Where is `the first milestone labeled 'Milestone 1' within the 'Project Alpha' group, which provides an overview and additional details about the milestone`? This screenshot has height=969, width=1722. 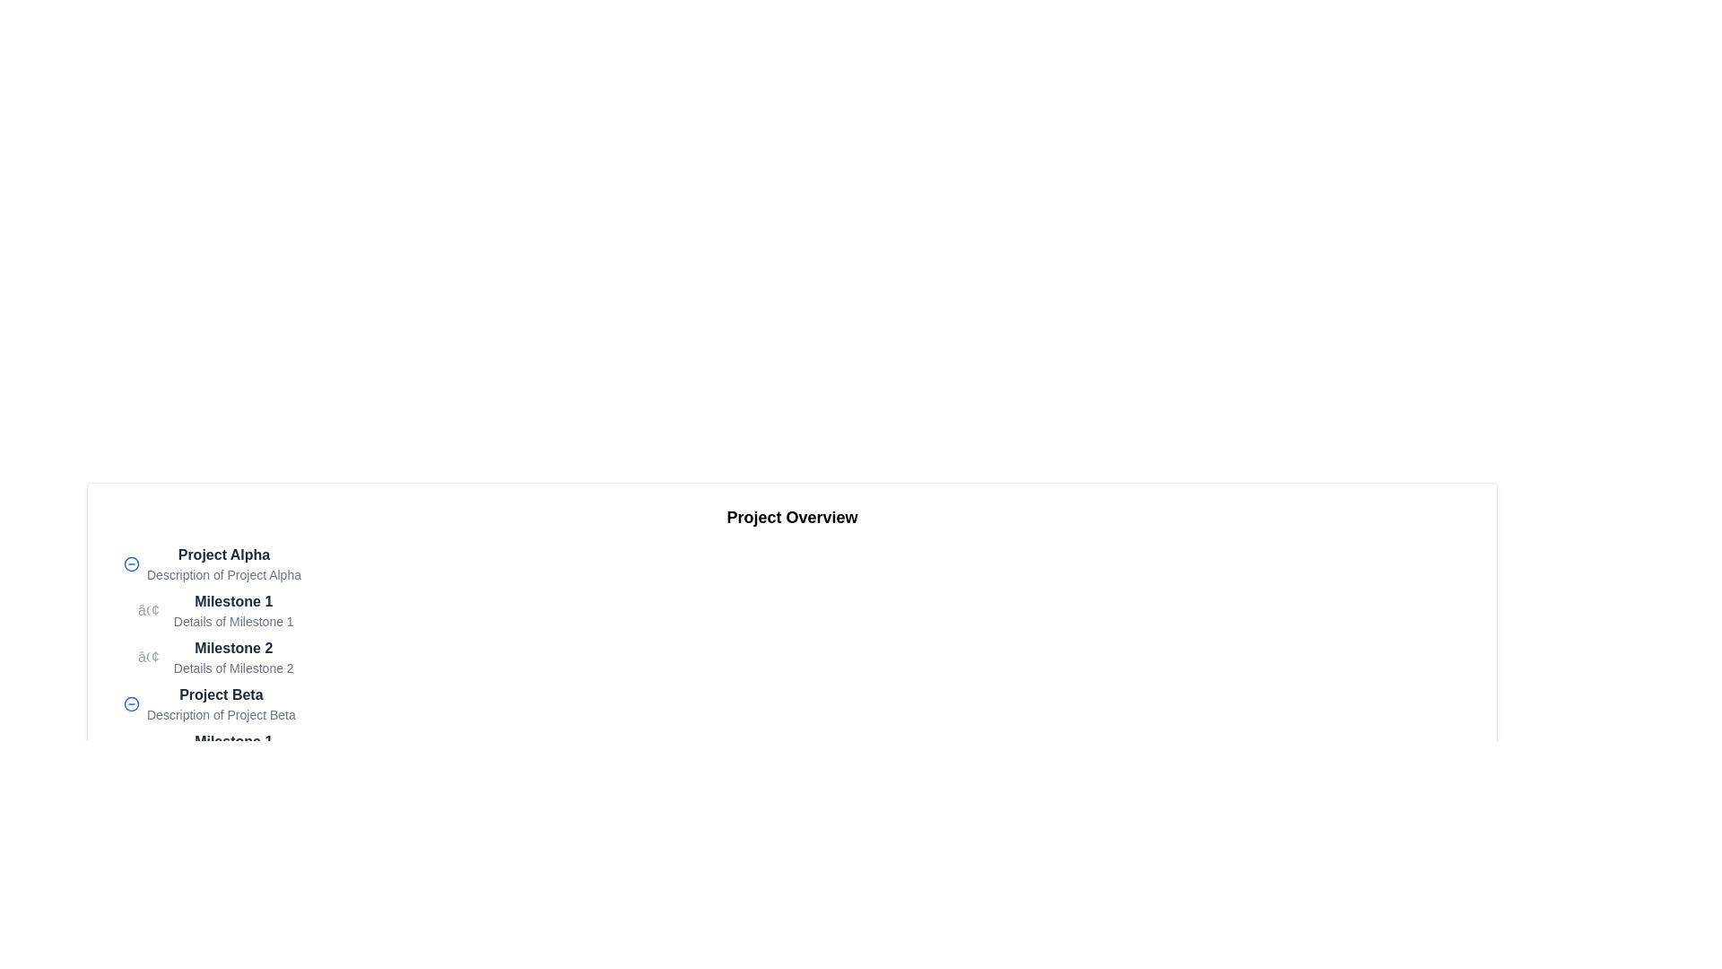 the first milestone labeled 'Milestone 1' within the 'Project Alpha' group, which provides an overview and additional details about the milestone is located at coordinates (232, 610).